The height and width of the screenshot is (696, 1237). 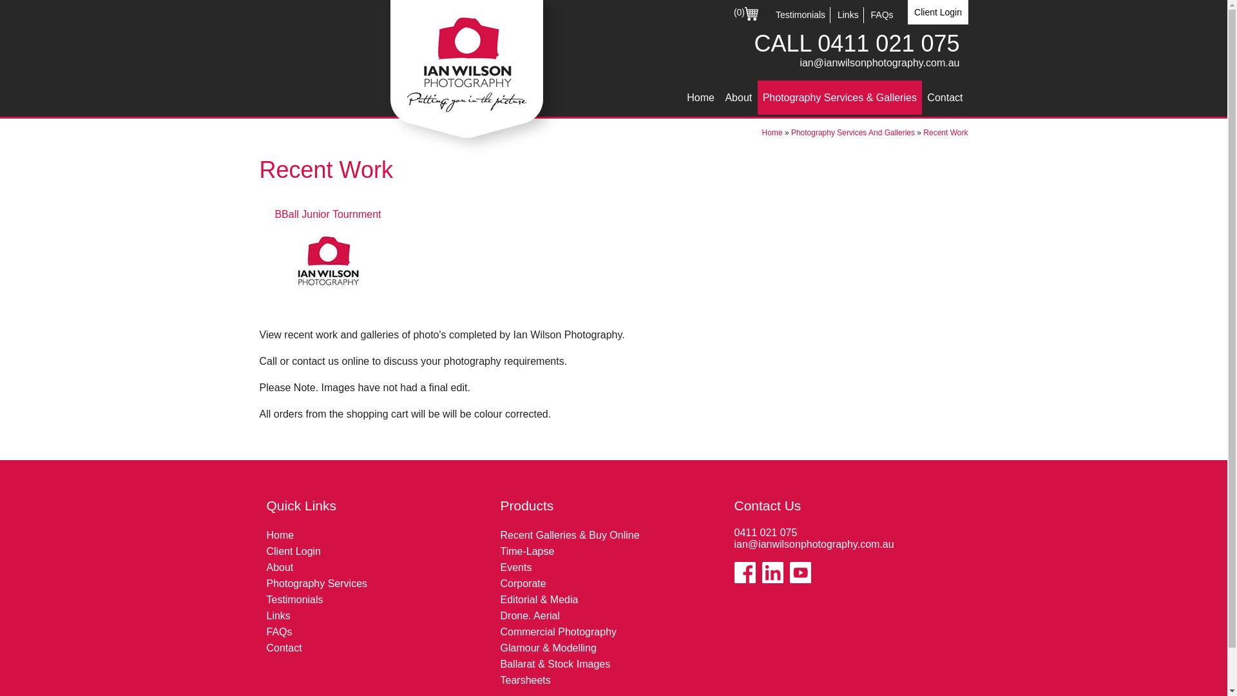 I want to click on 'Links', so click(x=278, y=615).